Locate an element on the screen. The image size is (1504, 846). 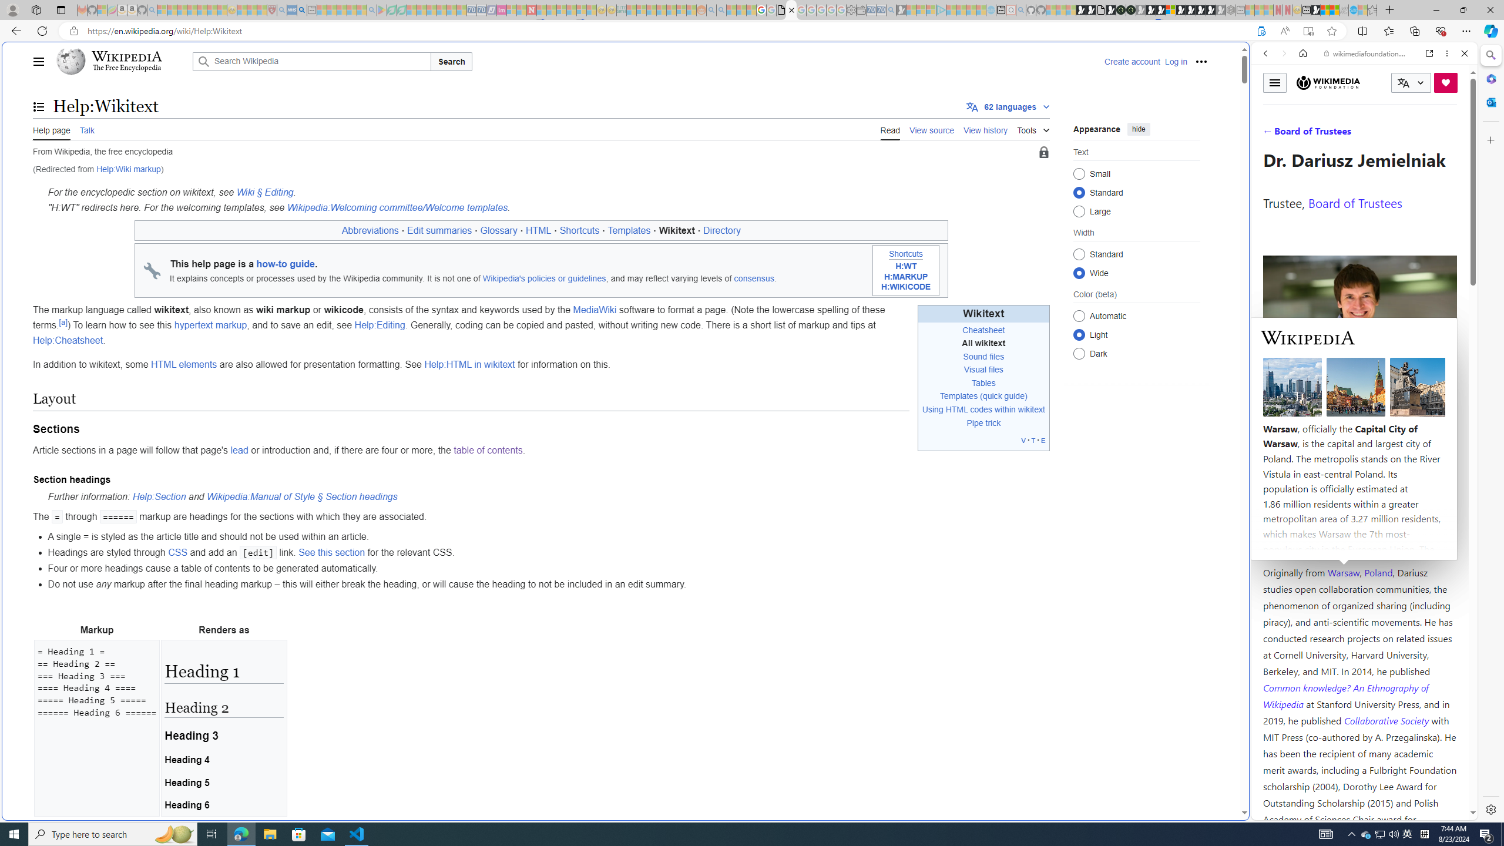
'Tables' is located at coordinates (983, 382).